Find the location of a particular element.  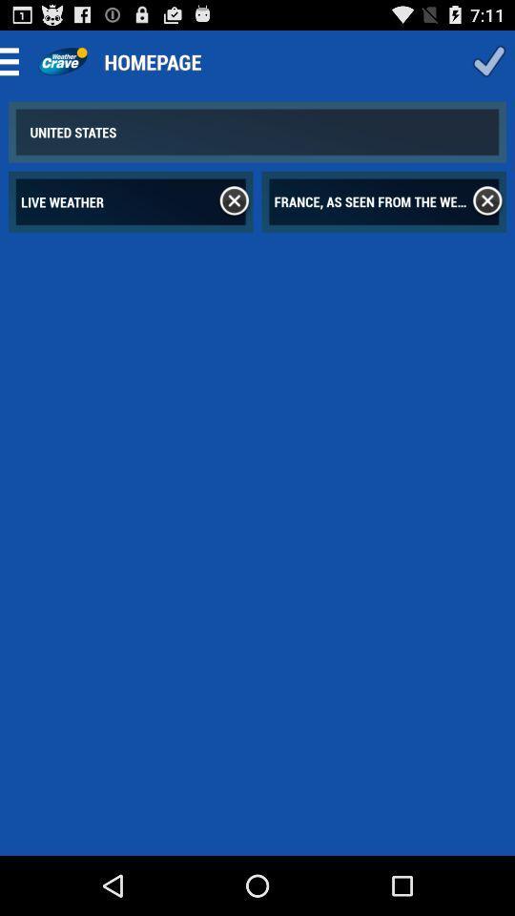

the app above united states item is located at coordinates (62, 61).